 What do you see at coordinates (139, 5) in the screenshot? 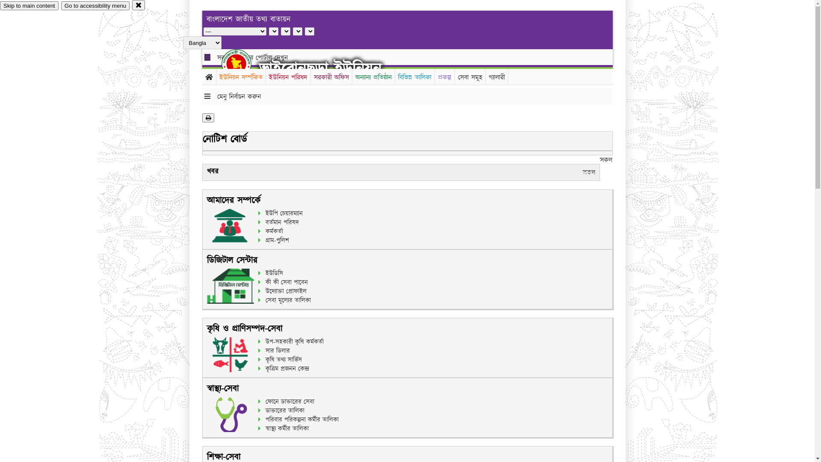
I see `'close'` at bounding box center [139, 5].